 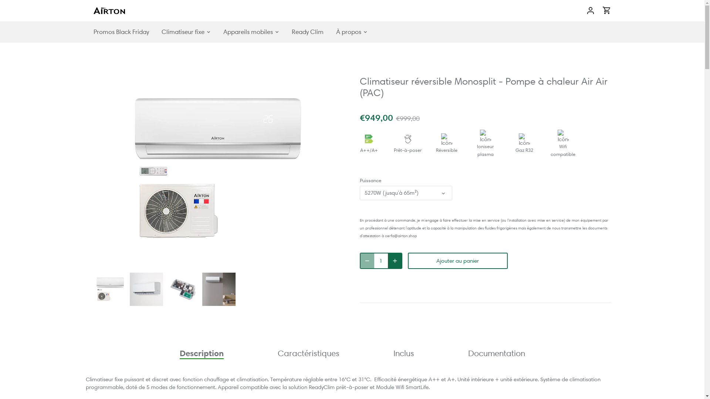 What do you see at coordinates (497, 353) in the screenshot?
I see `'Documentation'` at bounding box center [497, 353].